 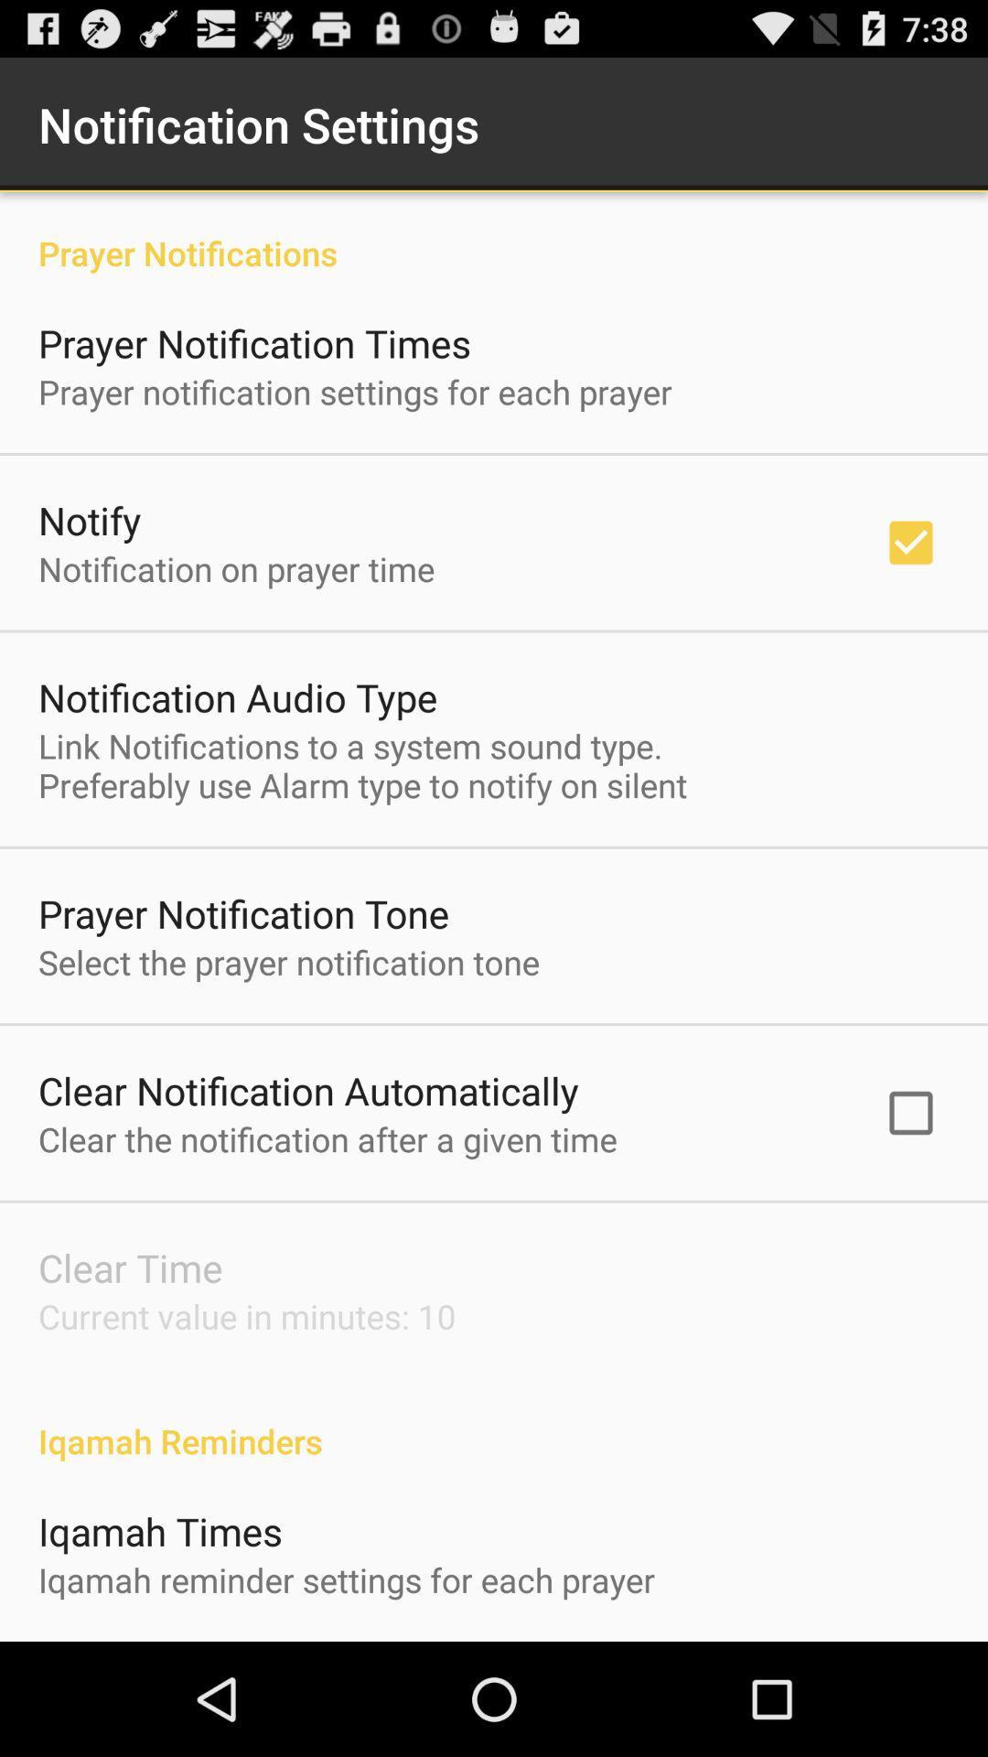 What do you see at coordinates (362, 765) in the screenshot?
I see `the link notifications to at the center` at bounding box center [362, 765].